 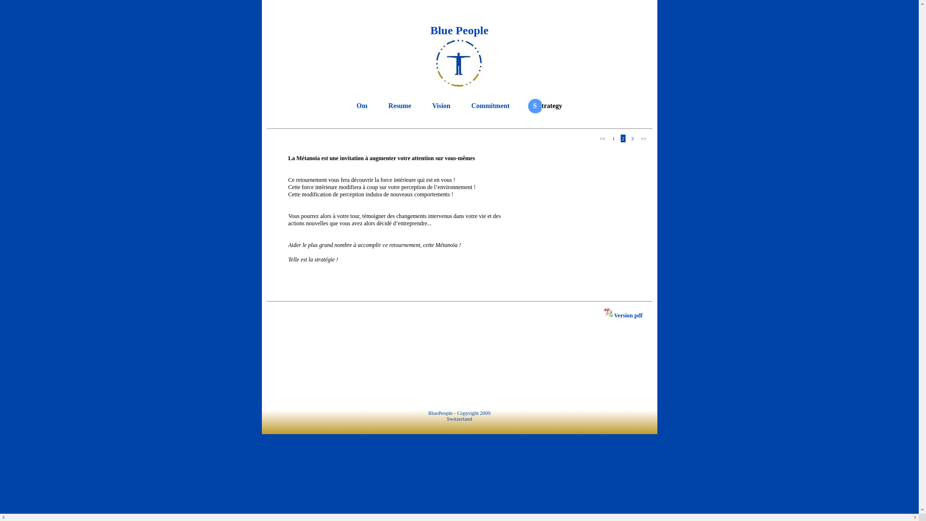 I want to click on '2', so click(x=623, y=138).